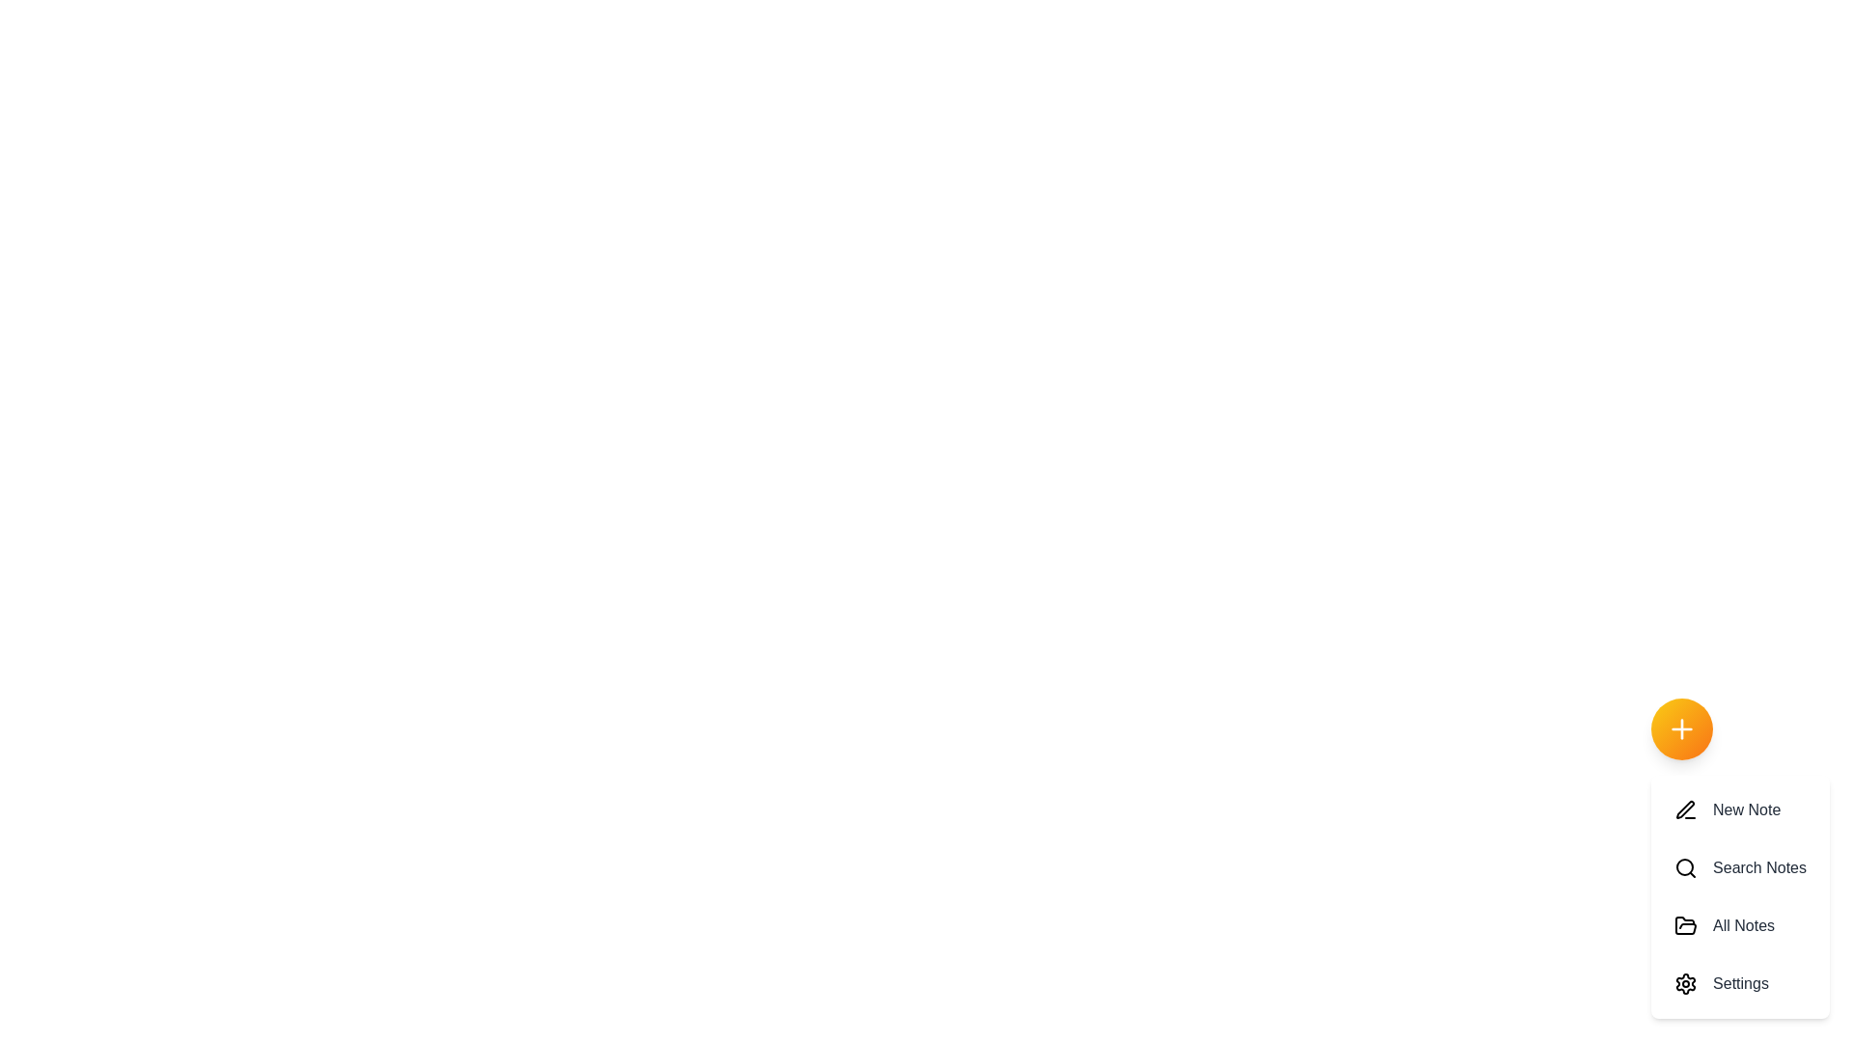 The height and width of the screenshot is (1042, 1853). What do you see at coordinates (1740, 925) in the screenshot?
I see `the 'All Notes' option to view all notes` at bounding box center [1740, 925].